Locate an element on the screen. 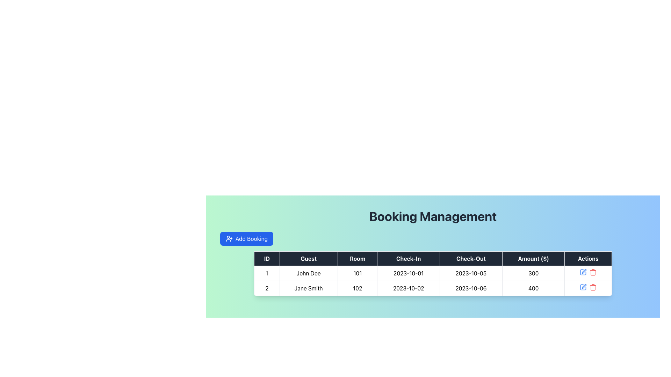  the Table Header Cell containing the text 'Room', which is the third cell in the header row of a table with a dark background and white text is located at coordinates (358, 258).